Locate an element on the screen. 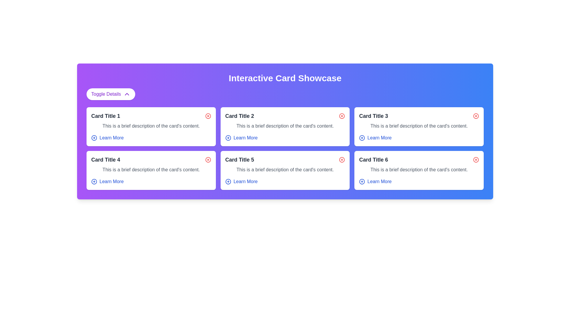  information associated with the circular blue outlined icon containing a plus symbol, located next to the 'Learn More' link in 'Card Title 4' is located at coordinates (94, 181).